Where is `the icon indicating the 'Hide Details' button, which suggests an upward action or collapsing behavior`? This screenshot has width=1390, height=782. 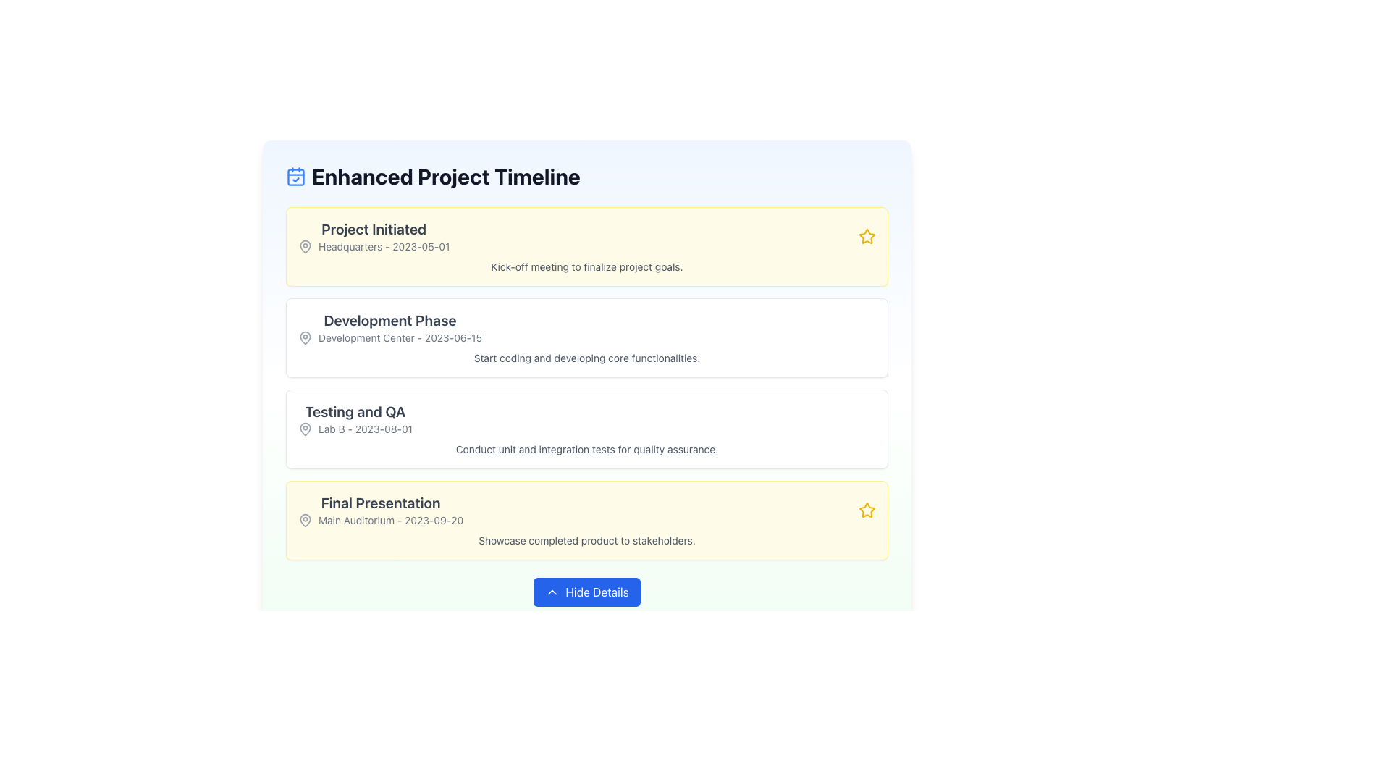 the icon indicating the 'Hide Details' button, which suggests an upward action or collapsing behavior is located at coordinates (552, 592).